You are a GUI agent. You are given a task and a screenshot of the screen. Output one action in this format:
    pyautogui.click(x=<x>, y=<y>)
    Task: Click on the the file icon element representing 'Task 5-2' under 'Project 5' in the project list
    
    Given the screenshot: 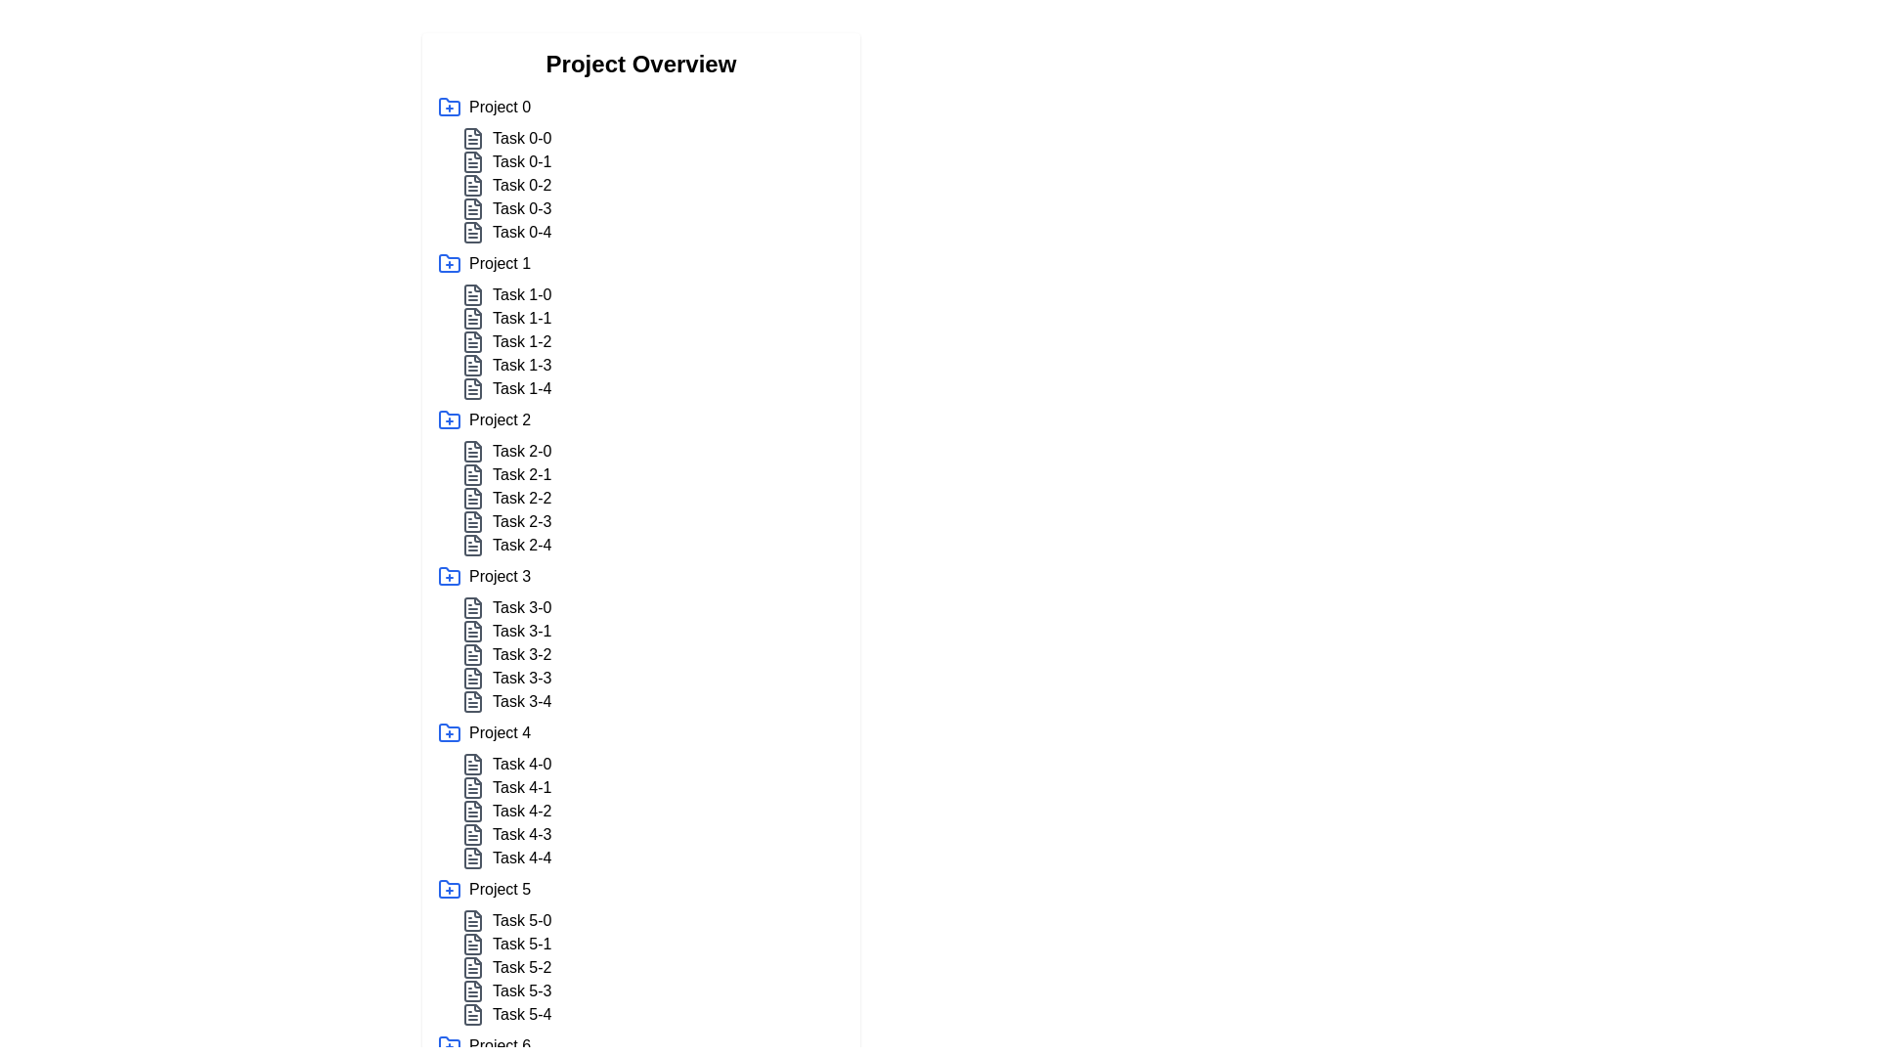 What is the action you would take?
    pyautogui.click(x=473, y=968)
    